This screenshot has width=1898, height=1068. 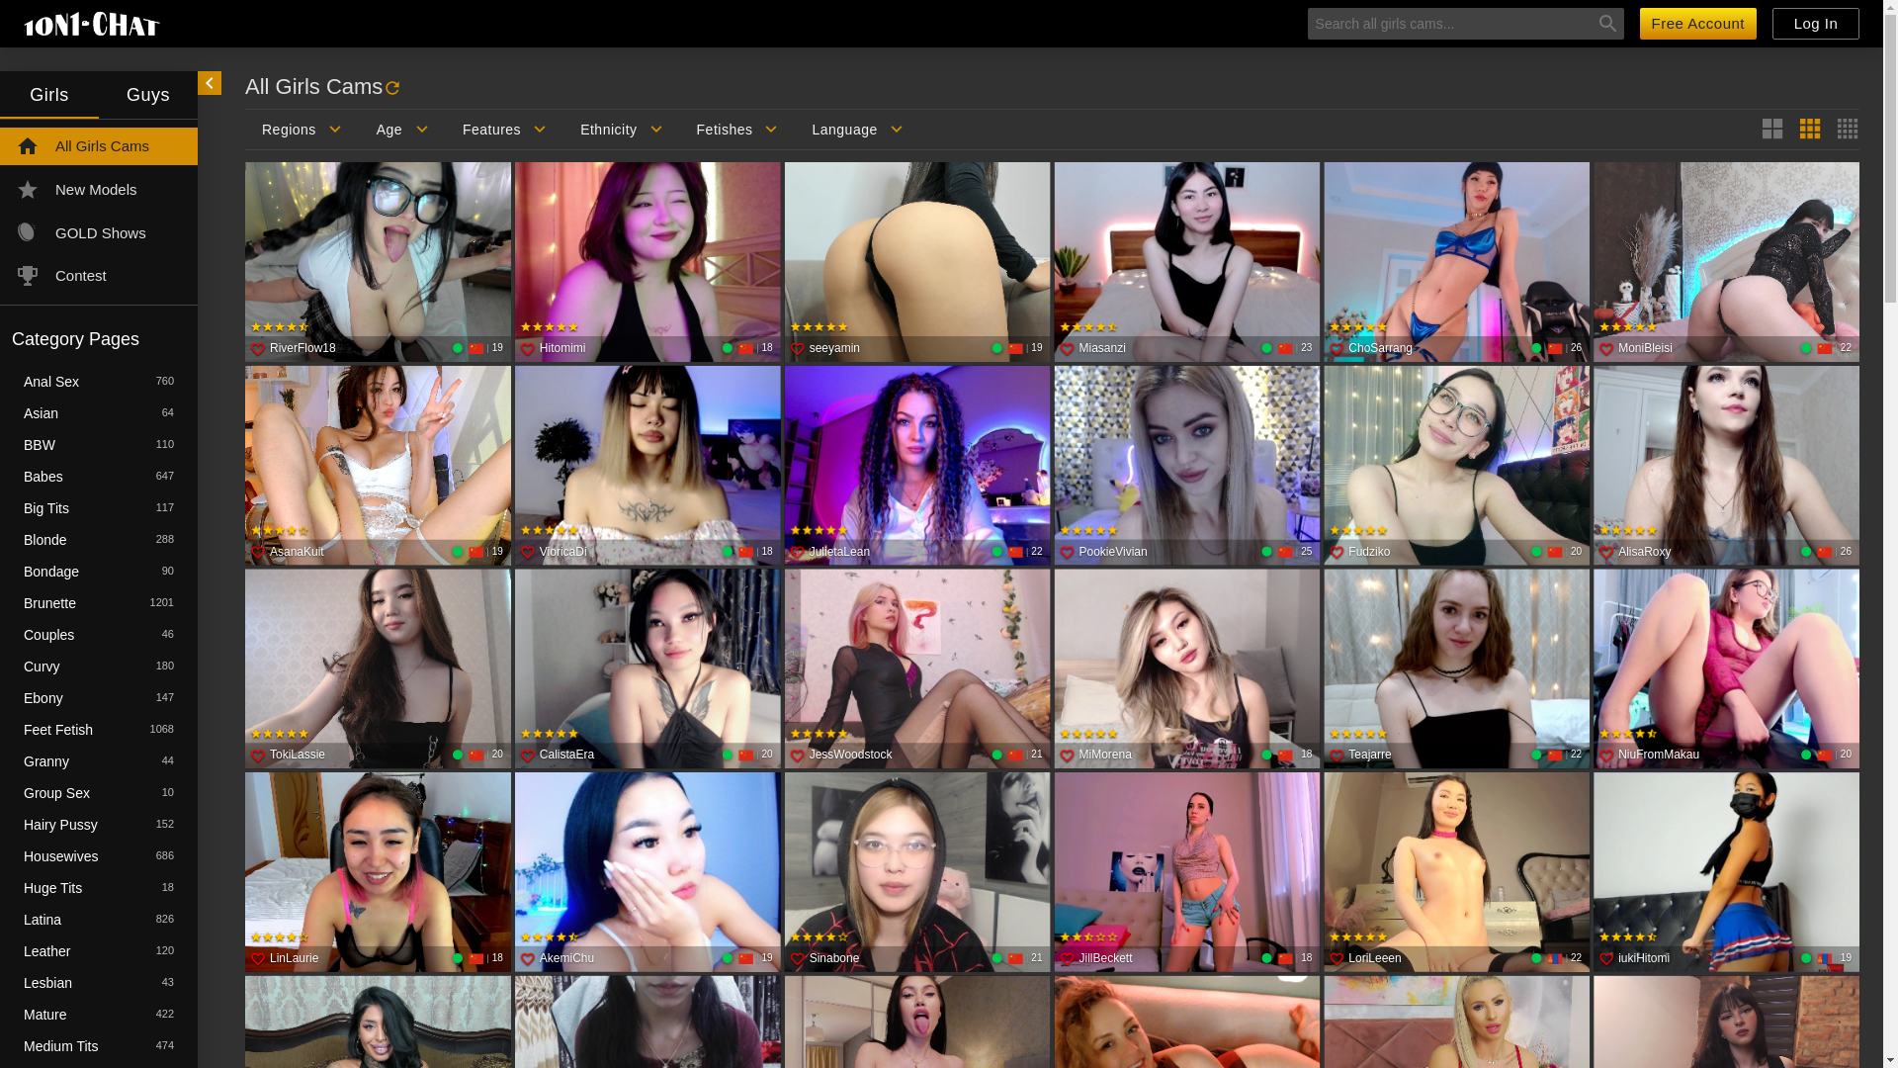 What do you see at coordinates (98, 95) in the screenshot?
I see `'Guys'` at bounding box center [98, 95].